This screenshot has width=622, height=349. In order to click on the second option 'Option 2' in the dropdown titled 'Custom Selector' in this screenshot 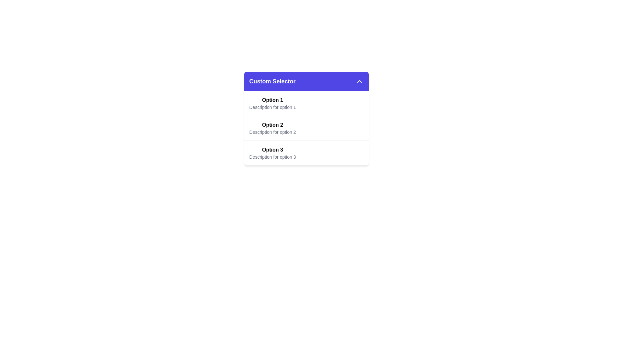, I will do `click(306, 128)`.